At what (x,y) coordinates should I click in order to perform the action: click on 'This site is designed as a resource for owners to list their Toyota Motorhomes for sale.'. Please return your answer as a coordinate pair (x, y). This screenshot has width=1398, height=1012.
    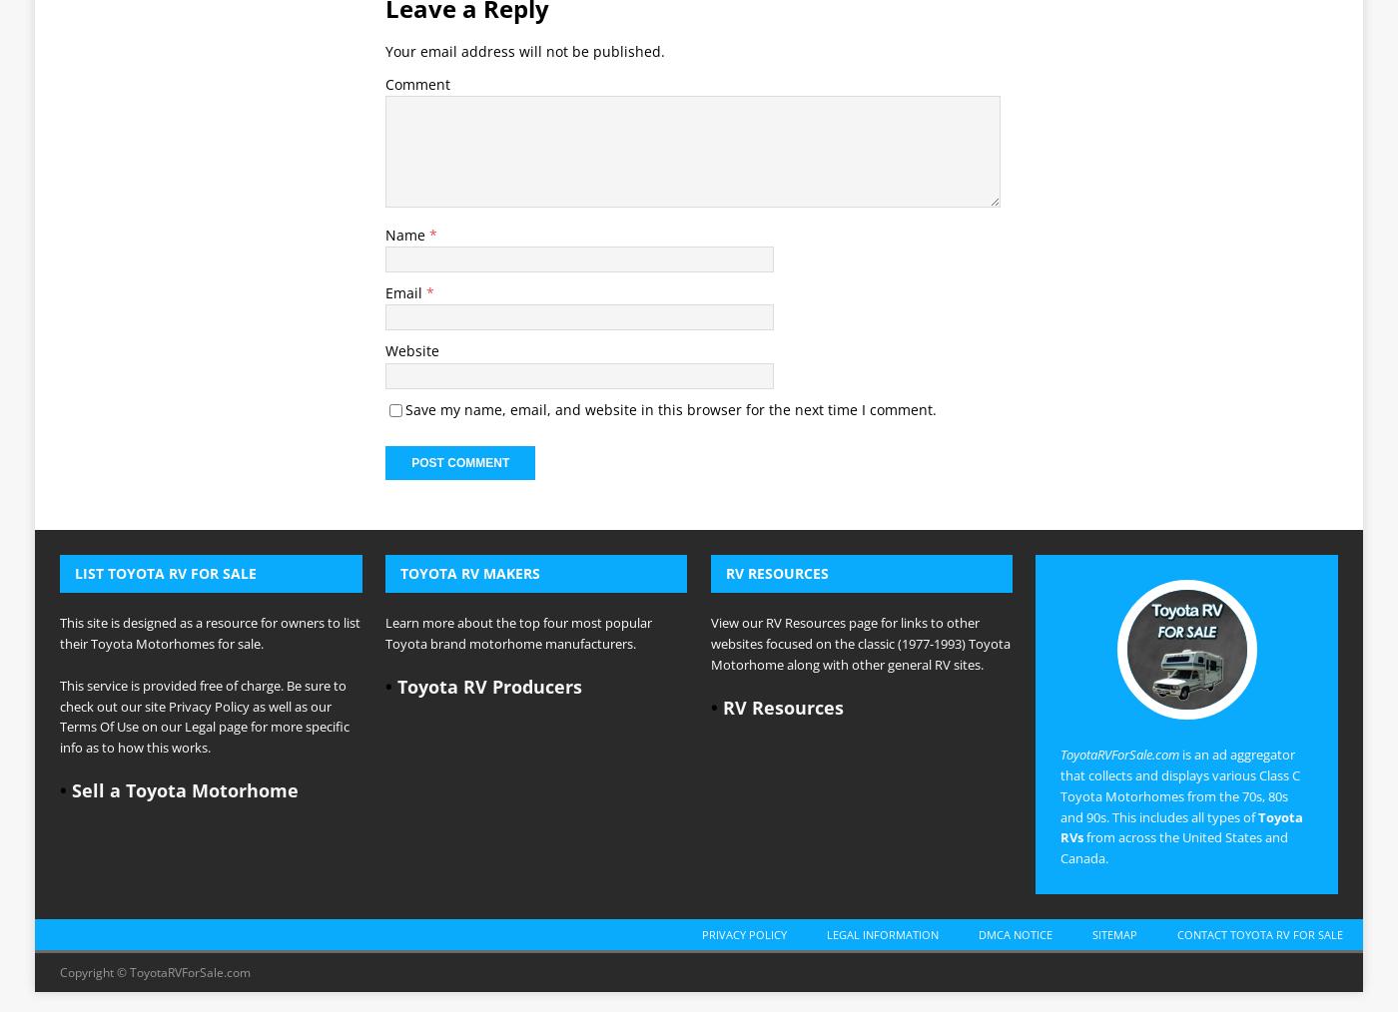
    Looking at the image, I should click on (210, 352).